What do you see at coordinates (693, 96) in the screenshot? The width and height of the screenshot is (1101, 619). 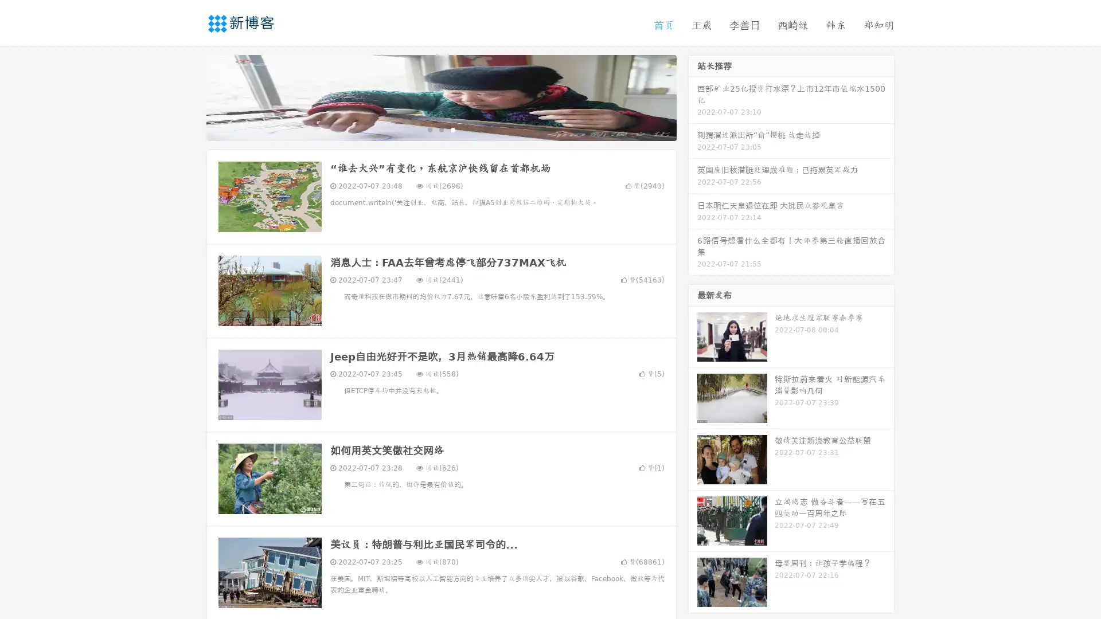 I see `Next slide` at bounding box center [693, 96].